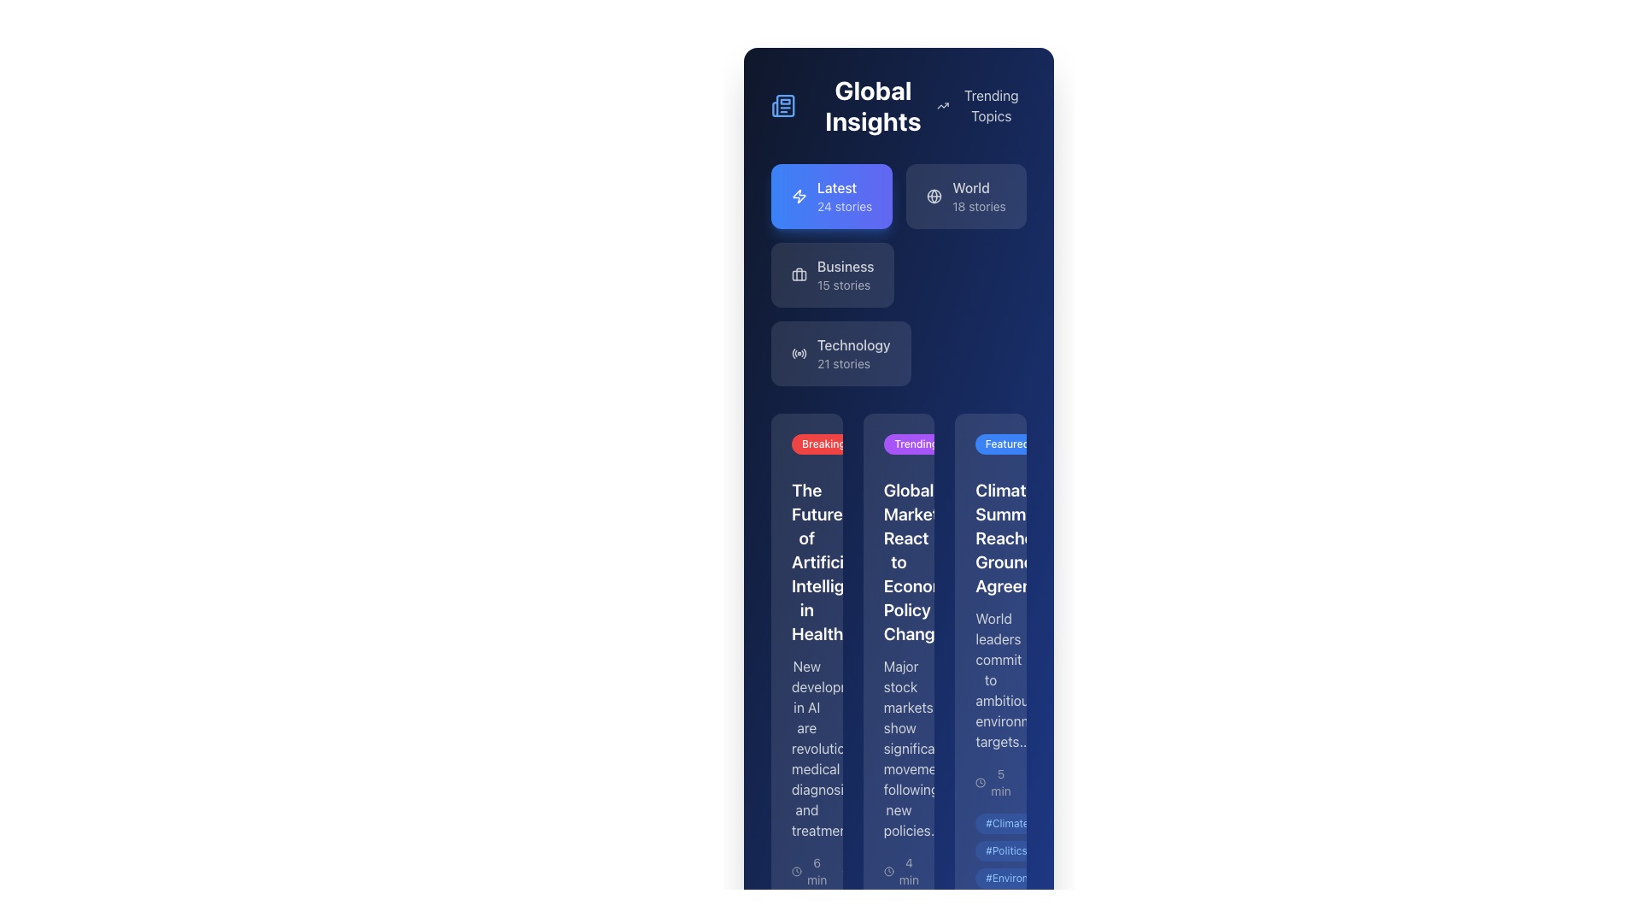 The image size is (1640, 923). I want to click on the text block displaying 'Major stock markets show significant movement following new policies...' which is located under the heading 'Global Markets React to Economic Policy Changes', so click(898, 747).